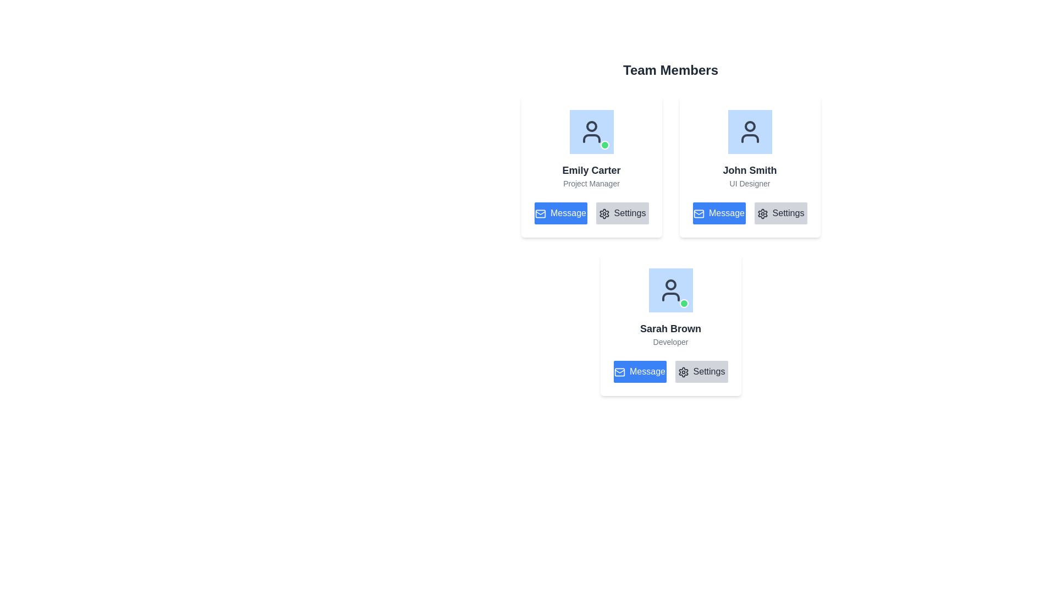 The width and height of the screenshot is (1056, 594). What do you see at coordinates (762, 213) in the screenshot?
I see `the cogwheel icon within the 'Settings' button located beneath the profile card of 'John Smith - UI Designer'` at bounding box center [762, 213].